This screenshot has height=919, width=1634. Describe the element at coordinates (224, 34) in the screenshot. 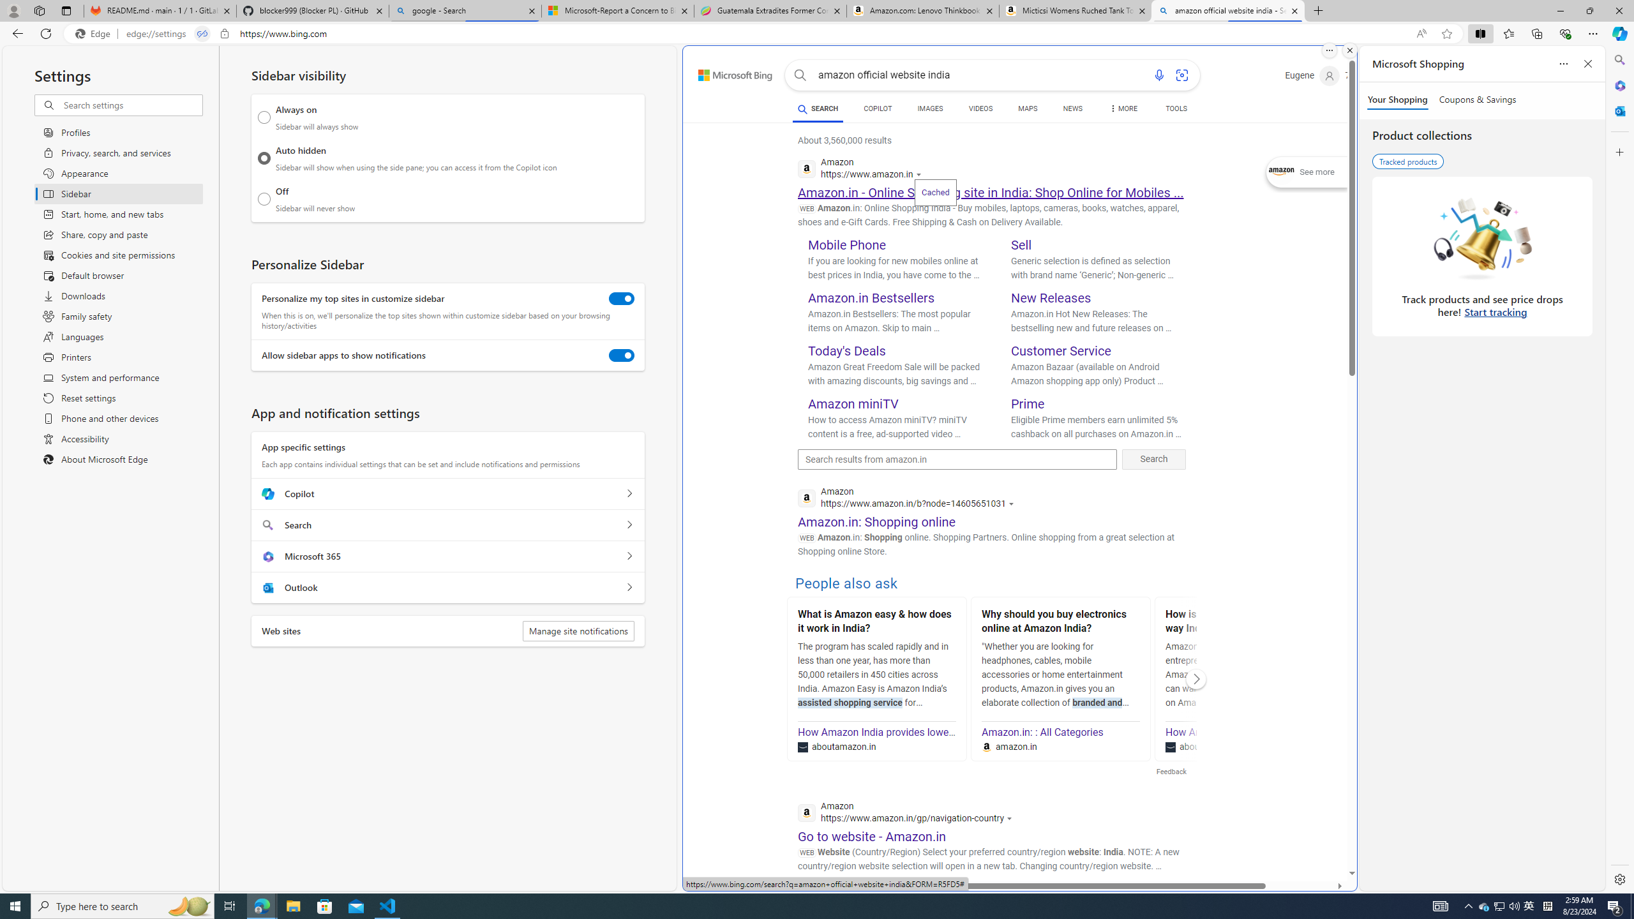

I see `'View site information'` at that location.